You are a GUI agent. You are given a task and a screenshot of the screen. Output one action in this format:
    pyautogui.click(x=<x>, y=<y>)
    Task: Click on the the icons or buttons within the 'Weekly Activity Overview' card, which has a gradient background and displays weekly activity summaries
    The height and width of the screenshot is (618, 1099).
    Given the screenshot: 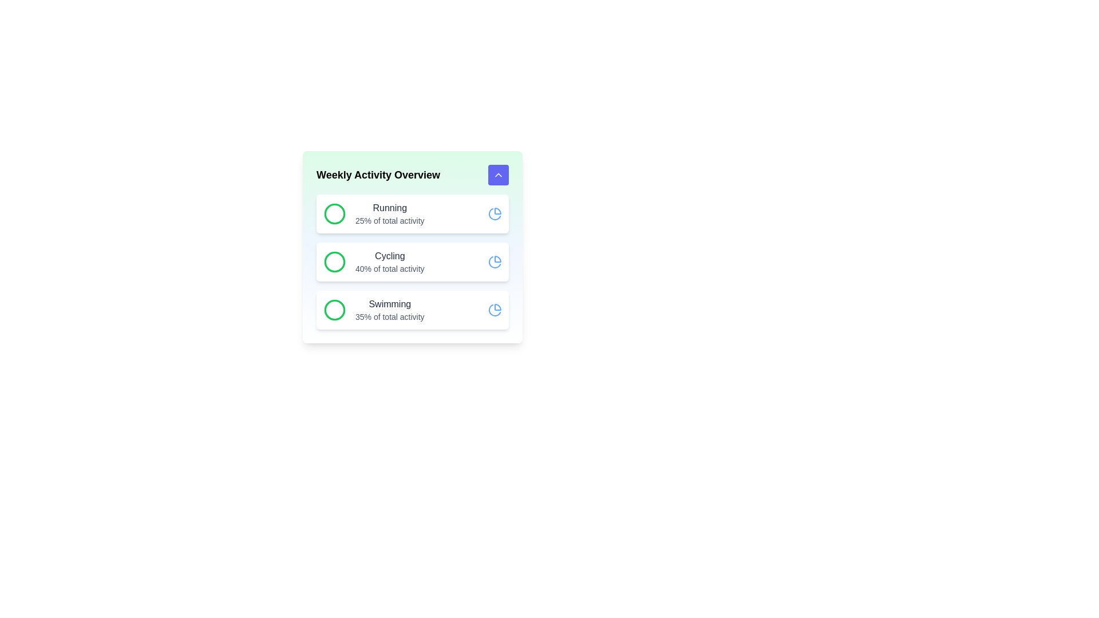 What is the action you would take?
    pyautogui.click(x=412, y=247)
    